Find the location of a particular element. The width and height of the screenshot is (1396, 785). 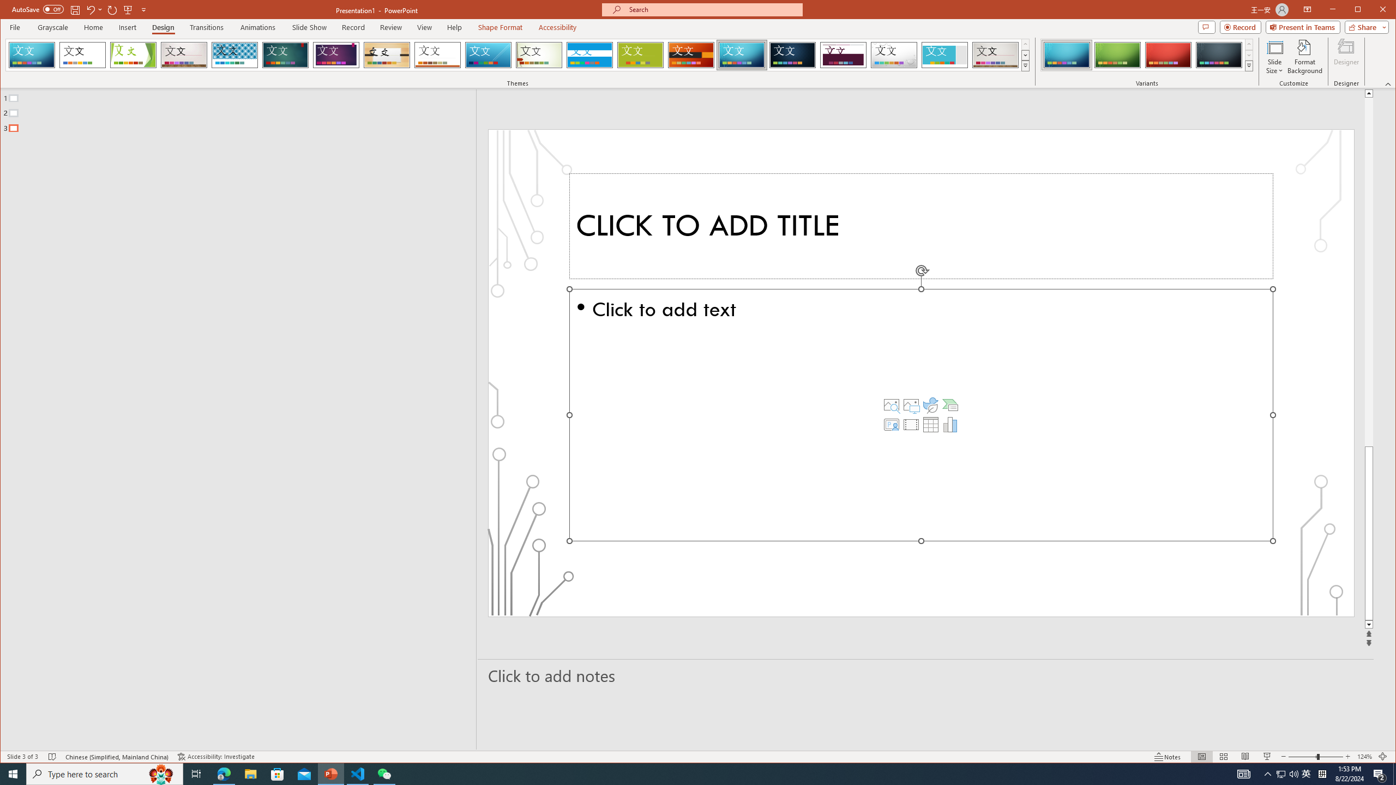

'Grayscale' is located at coordinates (53, 27).